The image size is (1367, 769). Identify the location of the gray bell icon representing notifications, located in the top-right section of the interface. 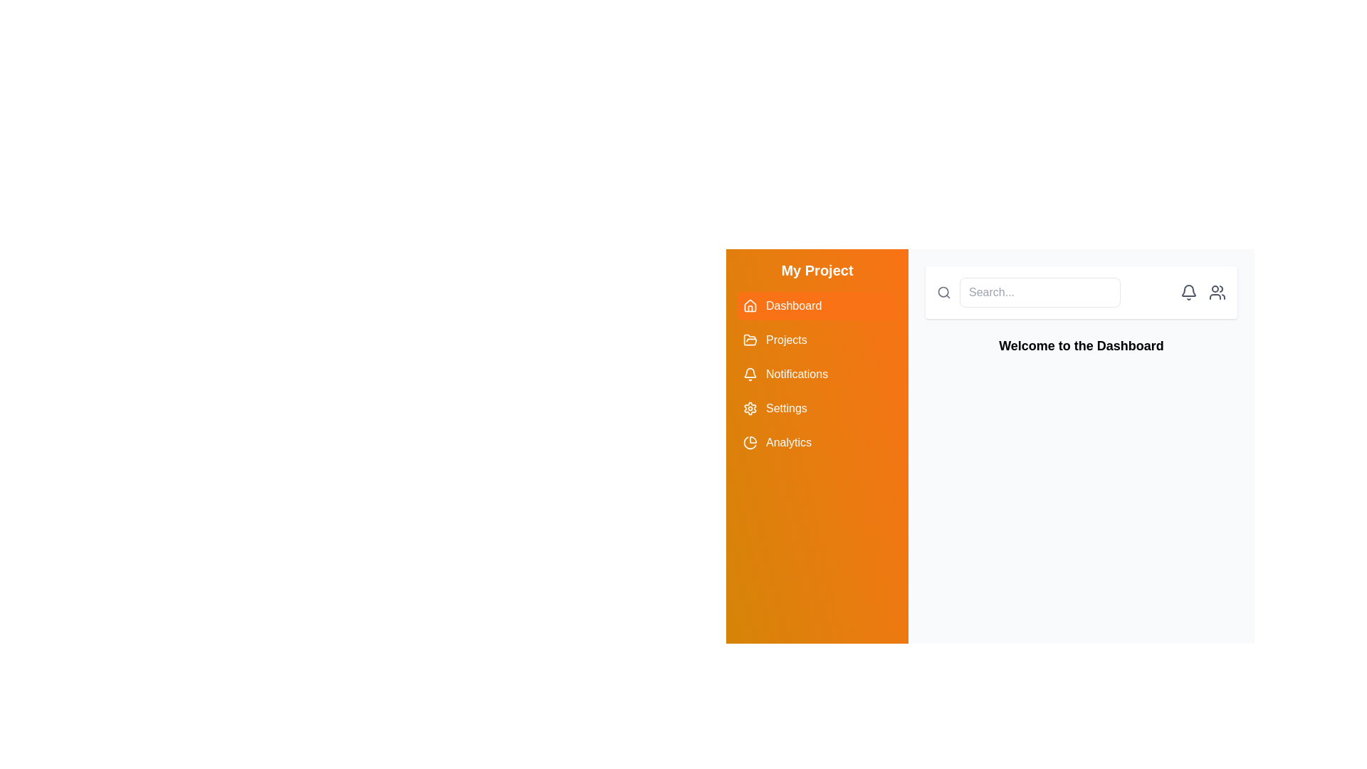
(1189, 292).